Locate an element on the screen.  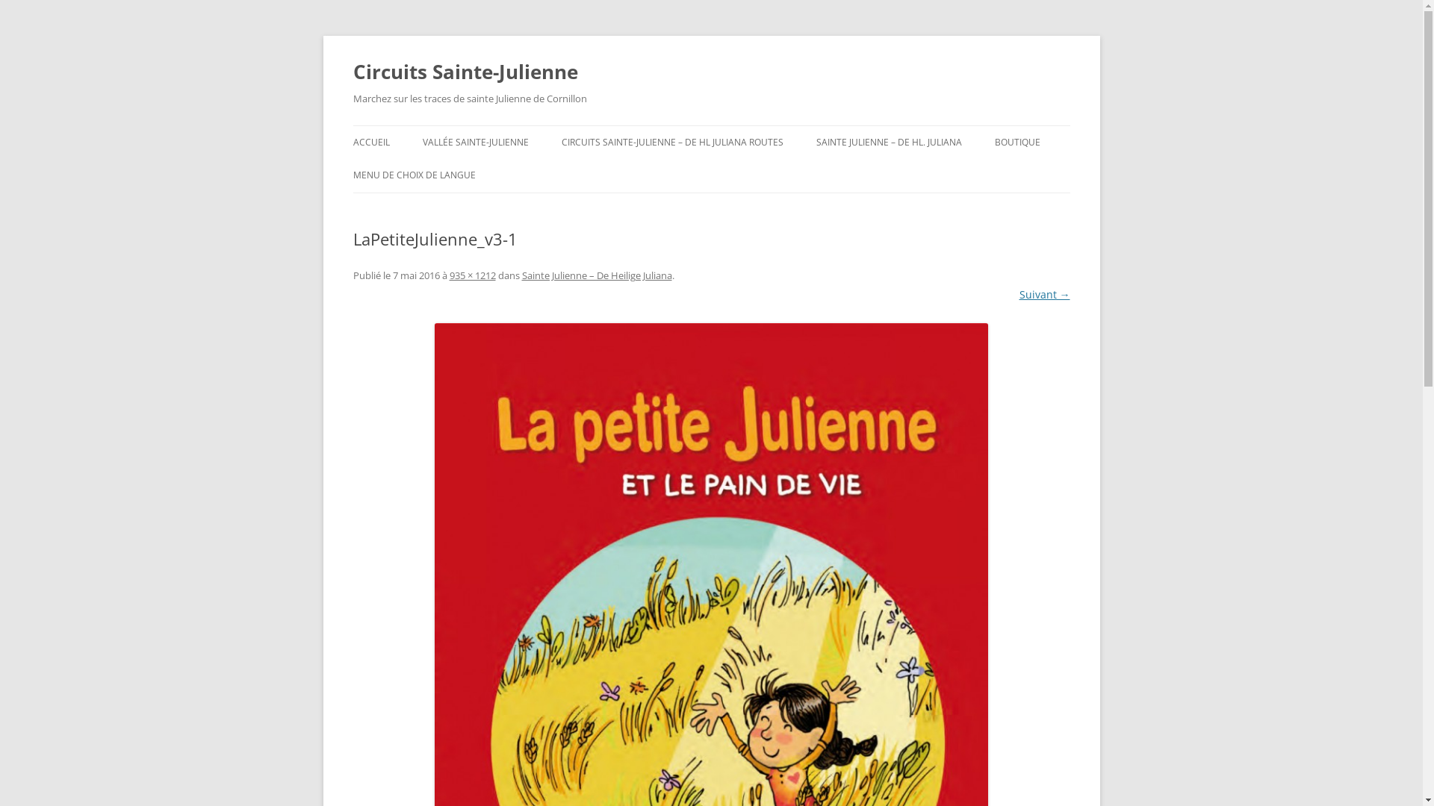
'Circuits Sainte-Julienne' is located at coordinates (464, 72).